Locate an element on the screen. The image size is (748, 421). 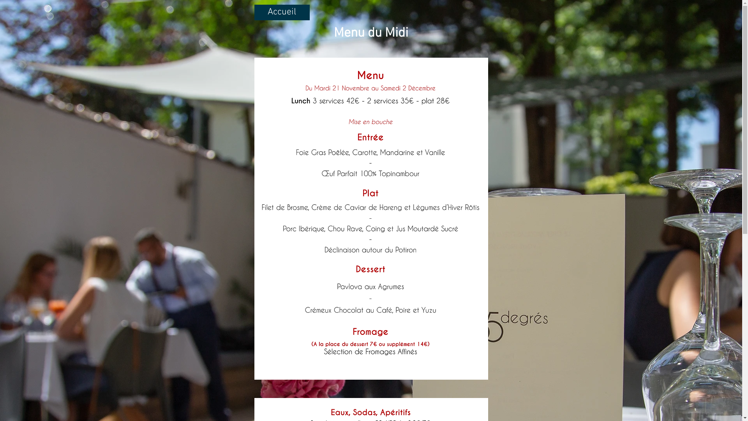
'Accueil' is located at coordinates (281, 12).